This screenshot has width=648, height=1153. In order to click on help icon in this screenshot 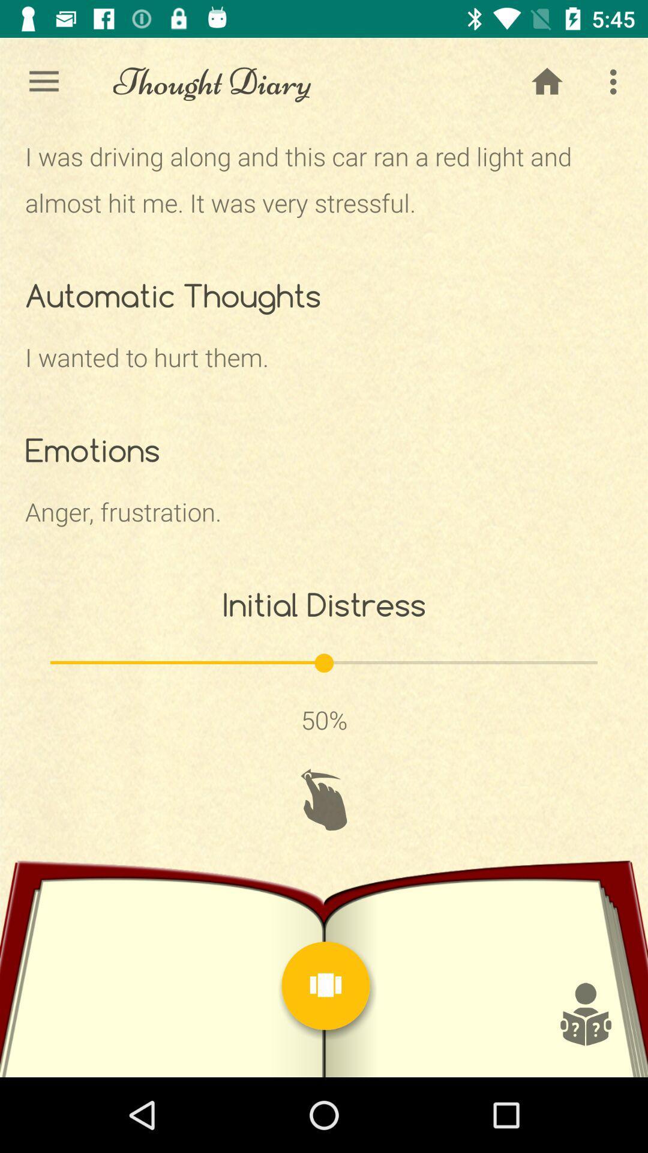, I will do `click(584, 1014)`.